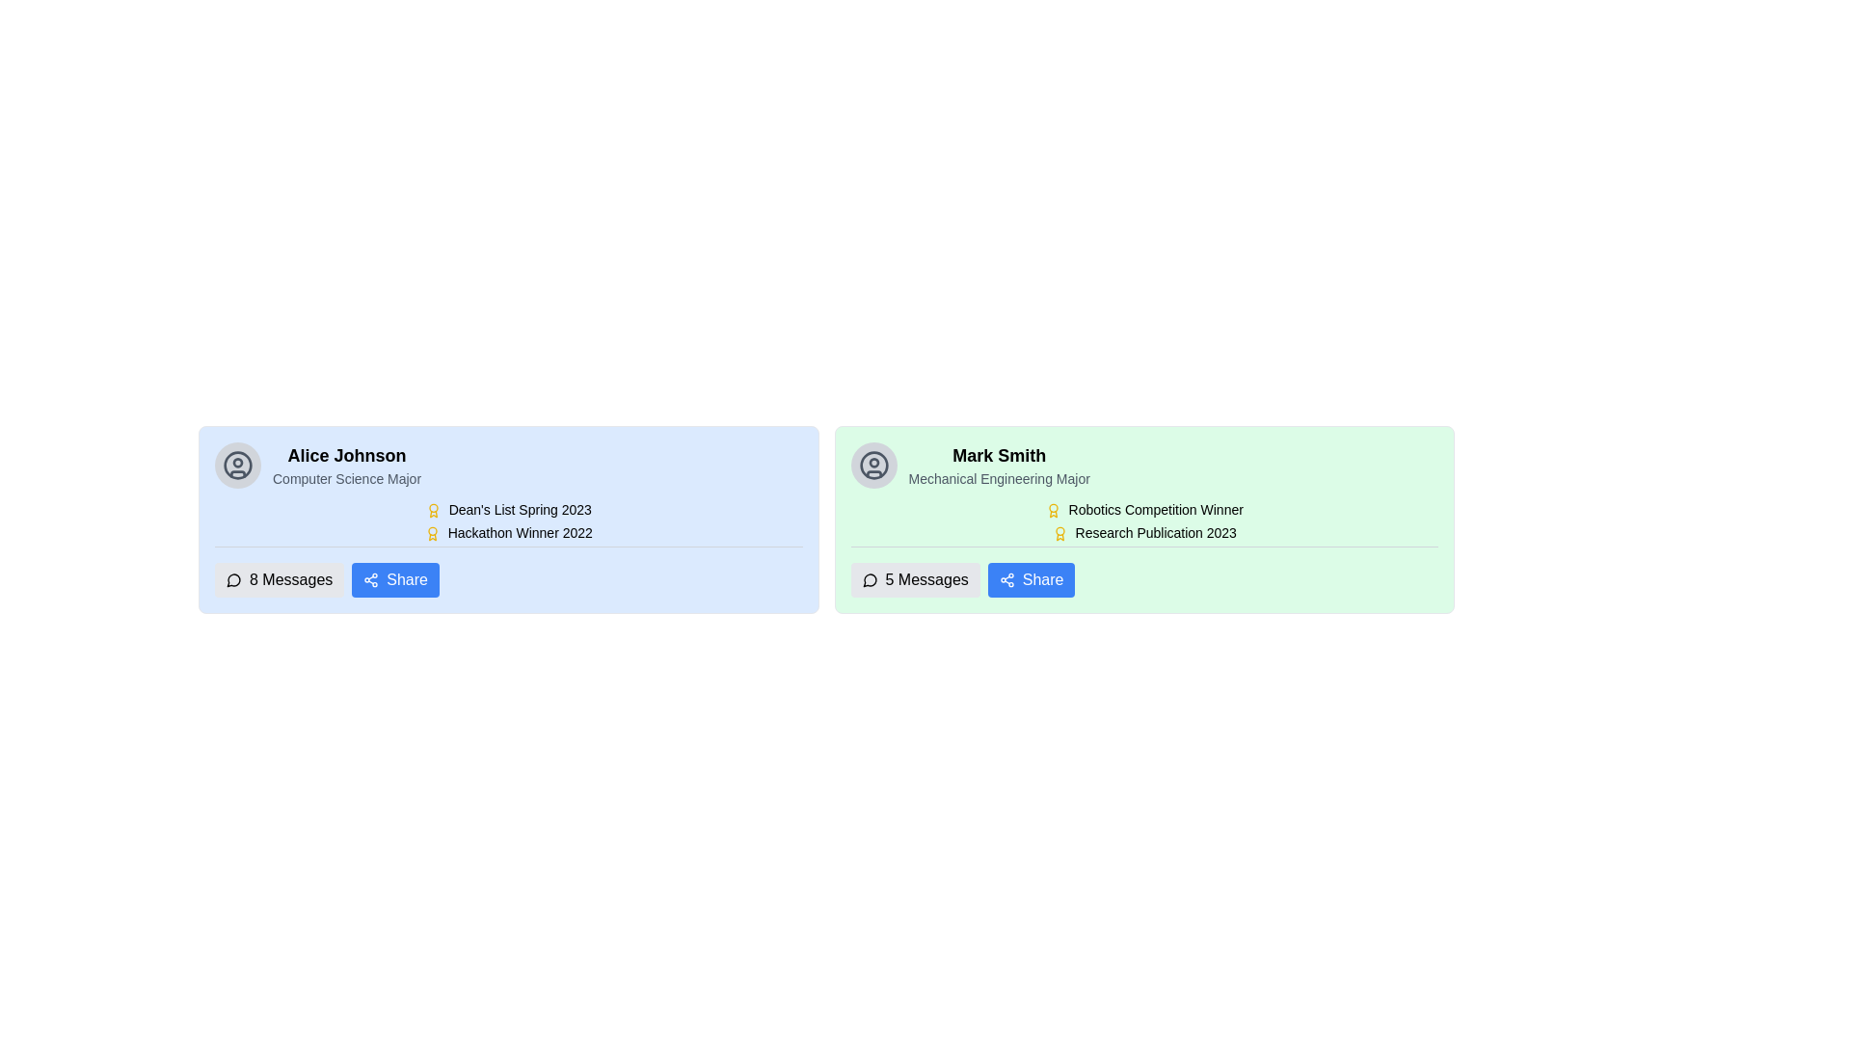 The width and height of the screenshot is (1851, 1041). Describe the element at coordinates (914, 578) in the screenshot. I see `the '5 Messages' button, which is a rectangular button with a gray background and rounded edges, located in the bottom-right corner of Mark Smith's green profile card` at that location.